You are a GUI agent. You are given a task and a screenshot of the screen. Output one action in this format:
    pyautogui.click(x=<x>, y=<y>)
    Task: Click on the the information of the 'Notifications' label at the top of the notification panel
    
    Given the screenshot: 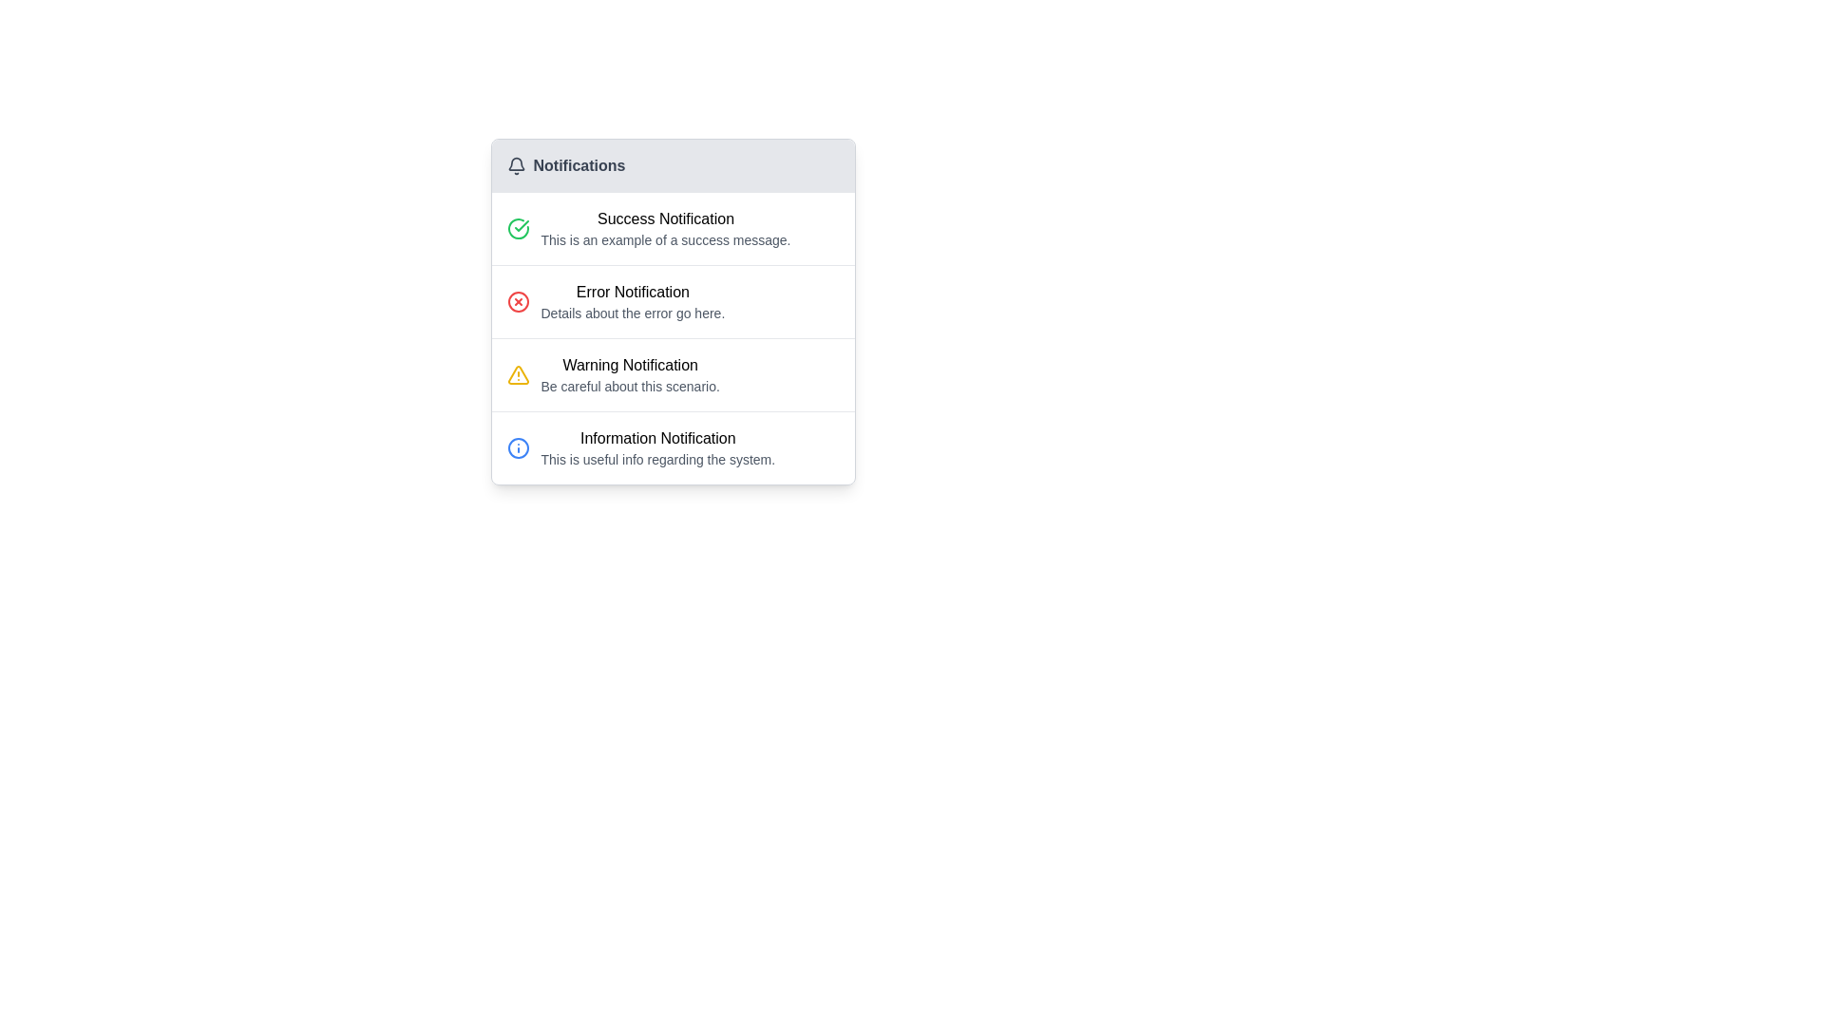 What is the action you would take?
    pyautogui.click(x=673, y=164)
    